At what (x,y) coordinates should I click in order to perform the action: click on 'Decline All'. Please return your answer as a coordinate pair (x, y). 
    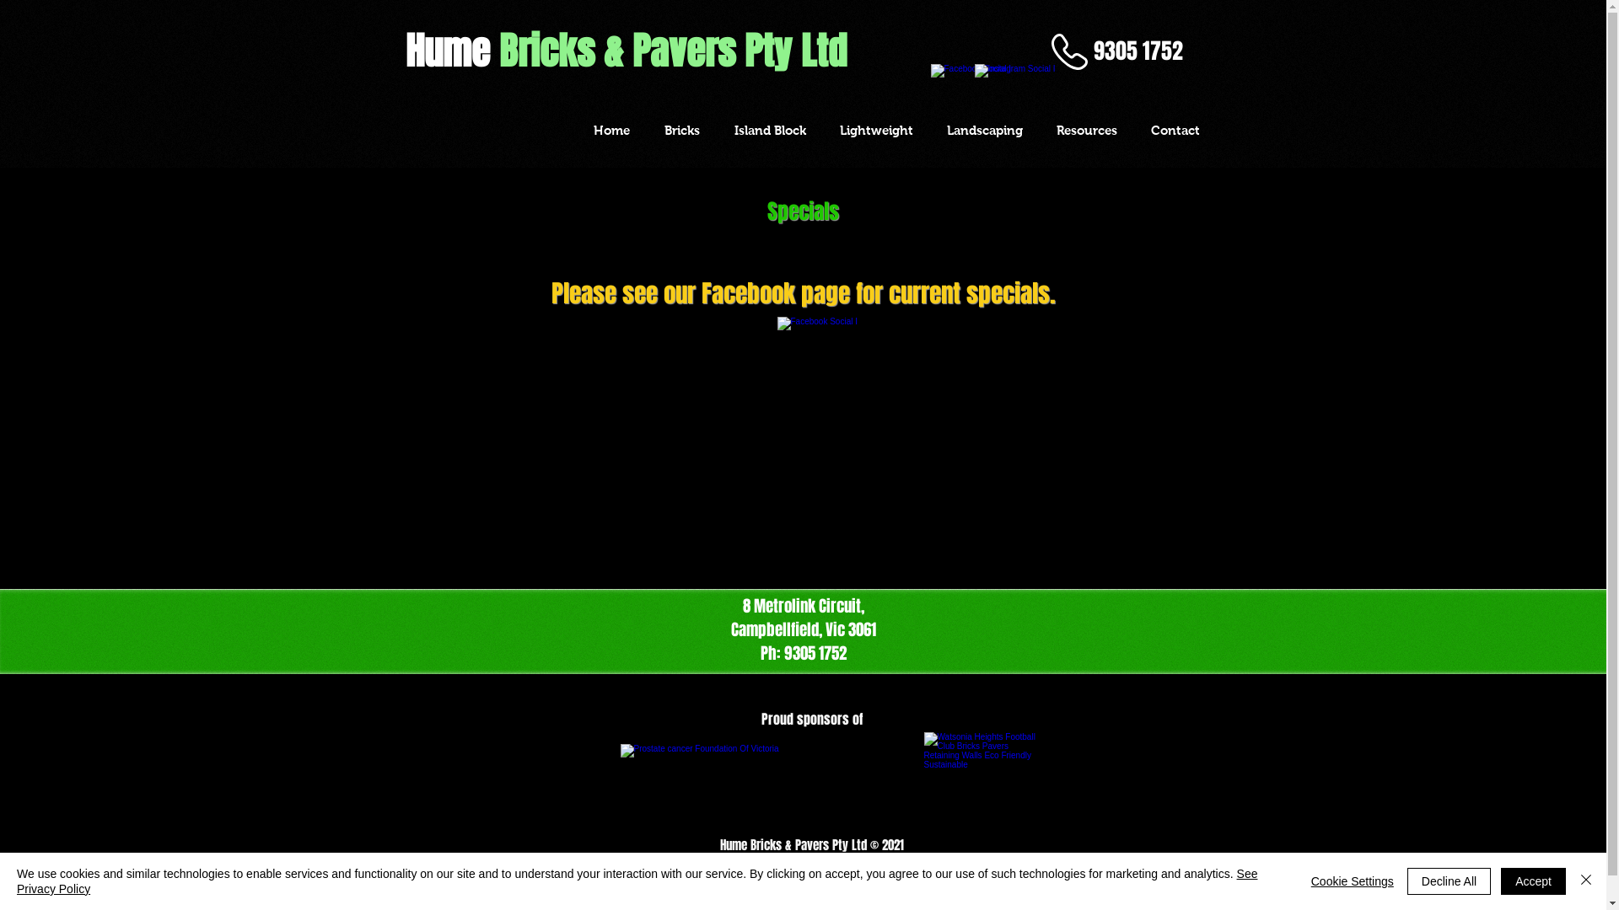
    Looking at the image, I should click on (1407, 880).